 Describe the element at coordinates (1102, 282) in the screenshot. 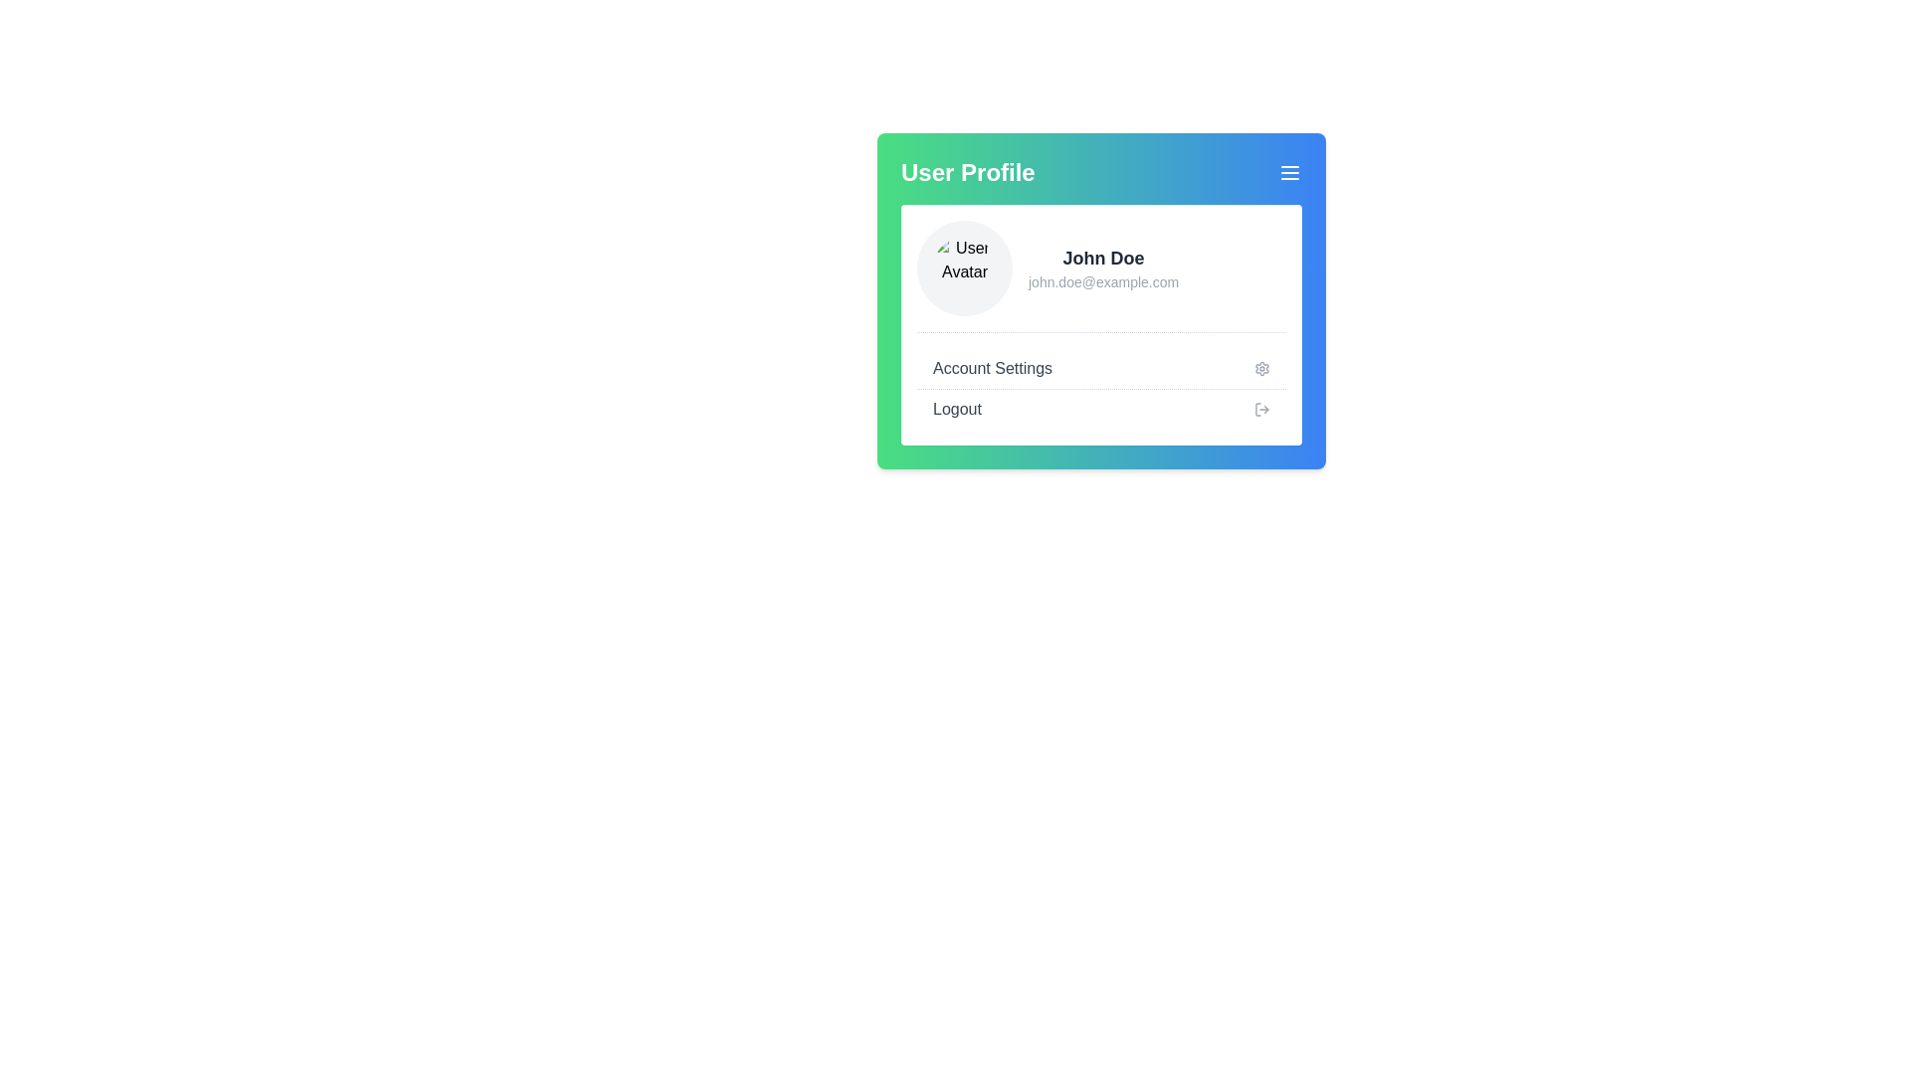

I see `the text snippet displaying the email address 'john.doe@example.com' located in the right panel of the user profile card layout` at that location.